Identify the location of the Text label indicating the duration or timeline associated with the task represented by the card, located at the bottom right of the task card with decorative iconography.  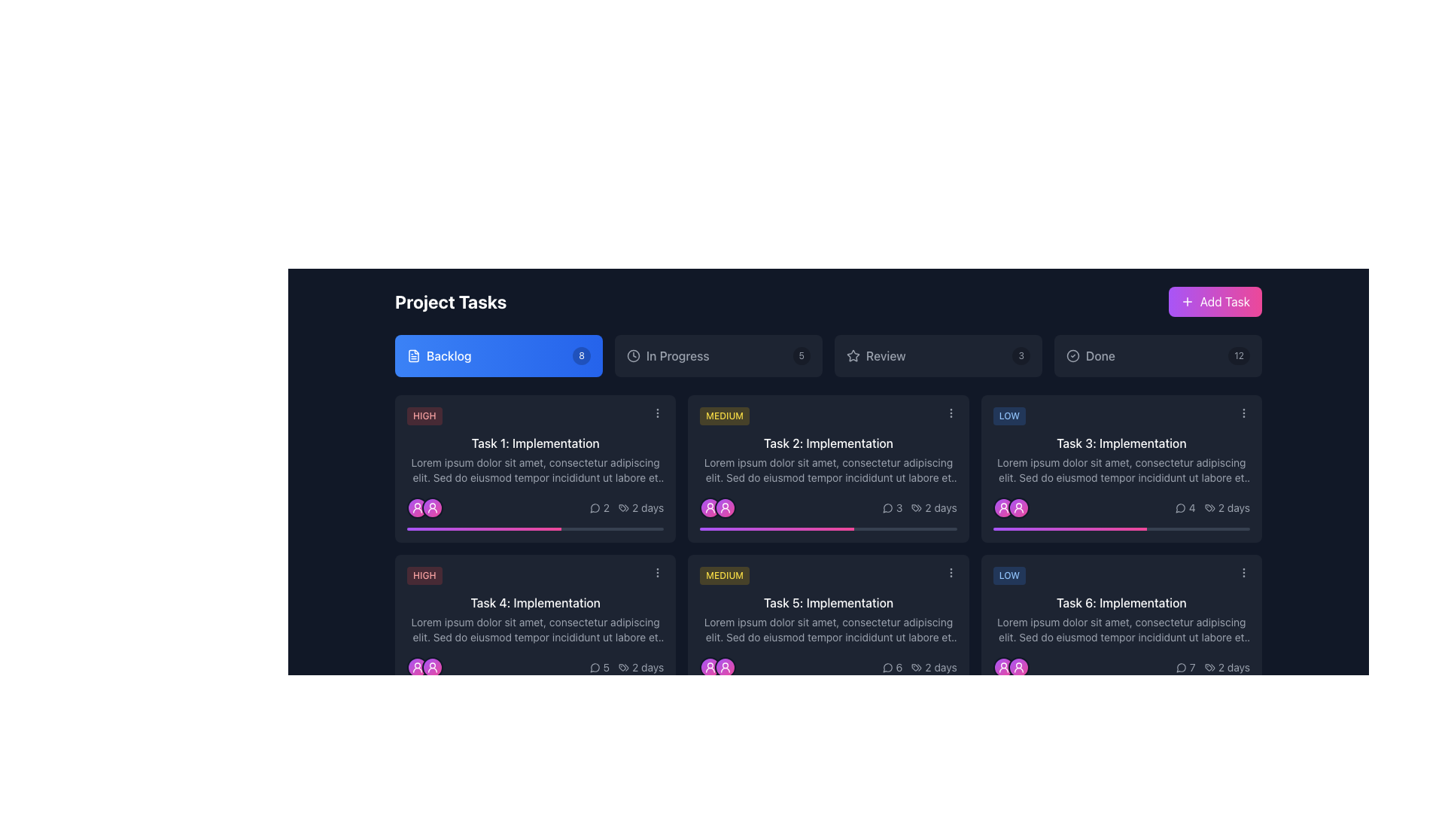
(1213, 667).